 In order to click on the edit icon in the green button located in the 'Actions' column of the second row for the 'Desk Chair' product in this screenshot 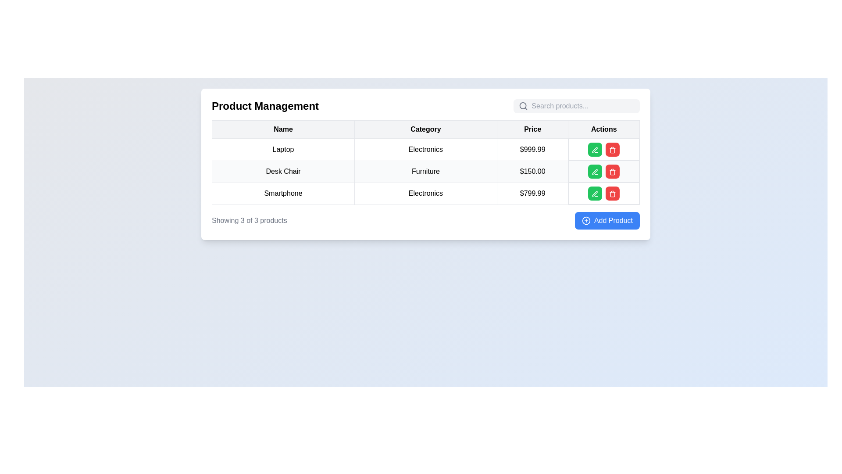, I will do `click(595, 172)`.